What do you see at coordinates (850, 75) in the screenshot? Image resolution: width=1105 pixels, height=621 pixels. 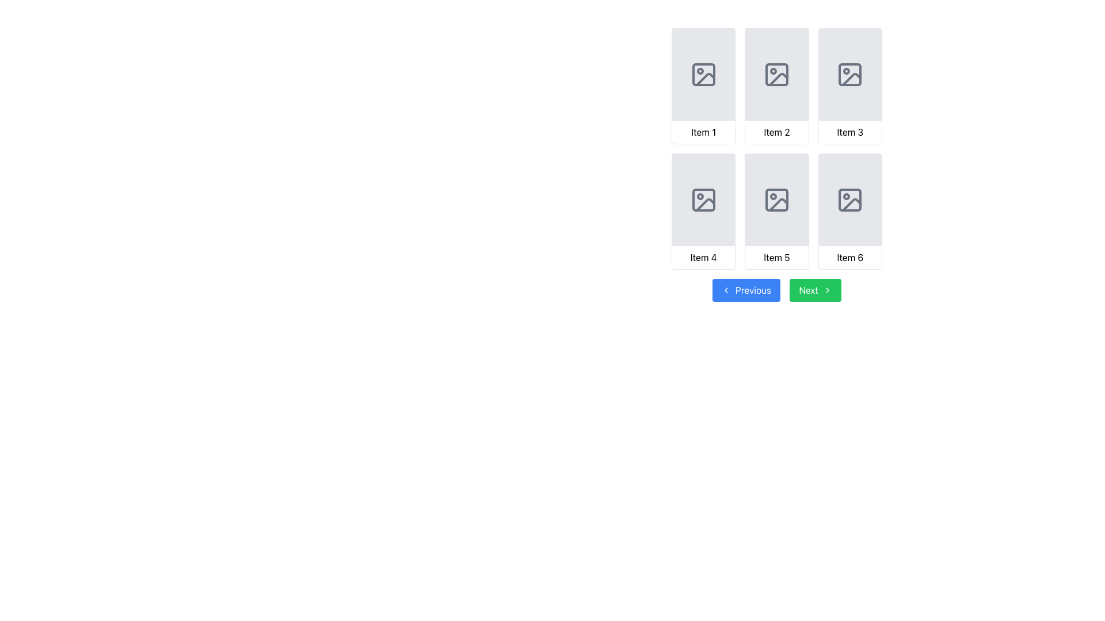 I see `the graphical icon styled as an outlined circular image in the upper left corner of the third card in the grid layout, which has gray lines and a white background` at bounding box center [850, 75].